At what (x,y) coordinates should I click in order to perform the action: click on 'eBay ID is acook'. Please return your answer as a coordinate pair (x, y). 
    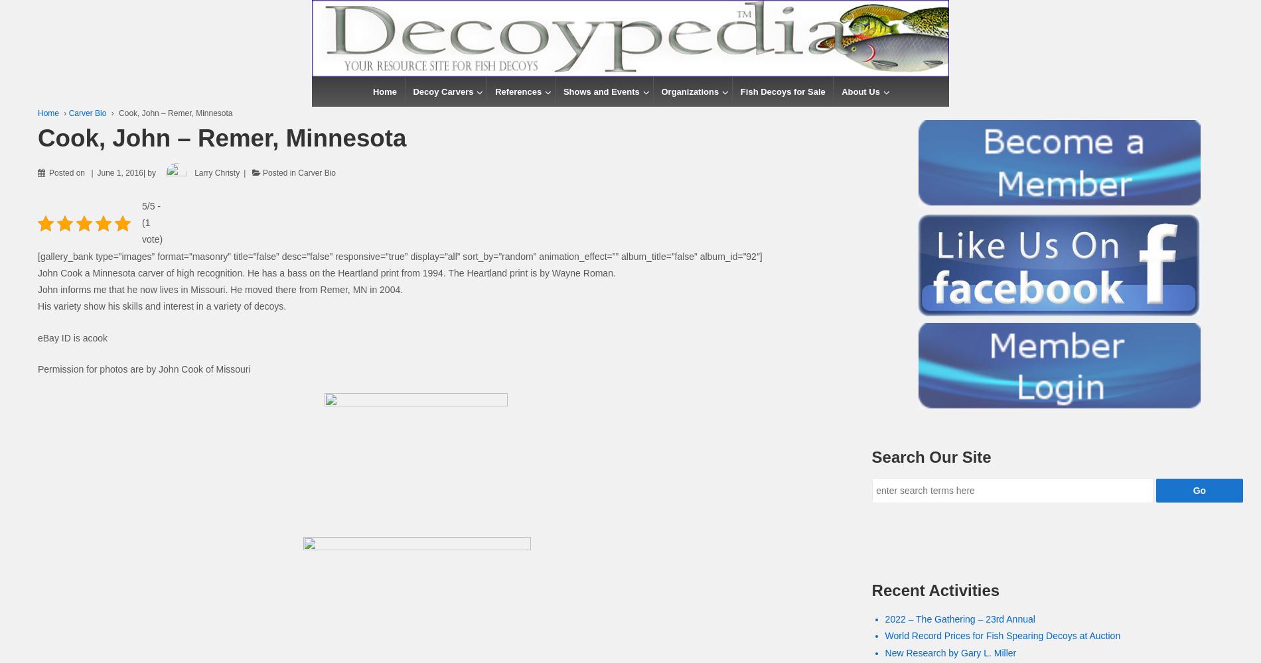
    Looking at the image, I should click on (38, 337).